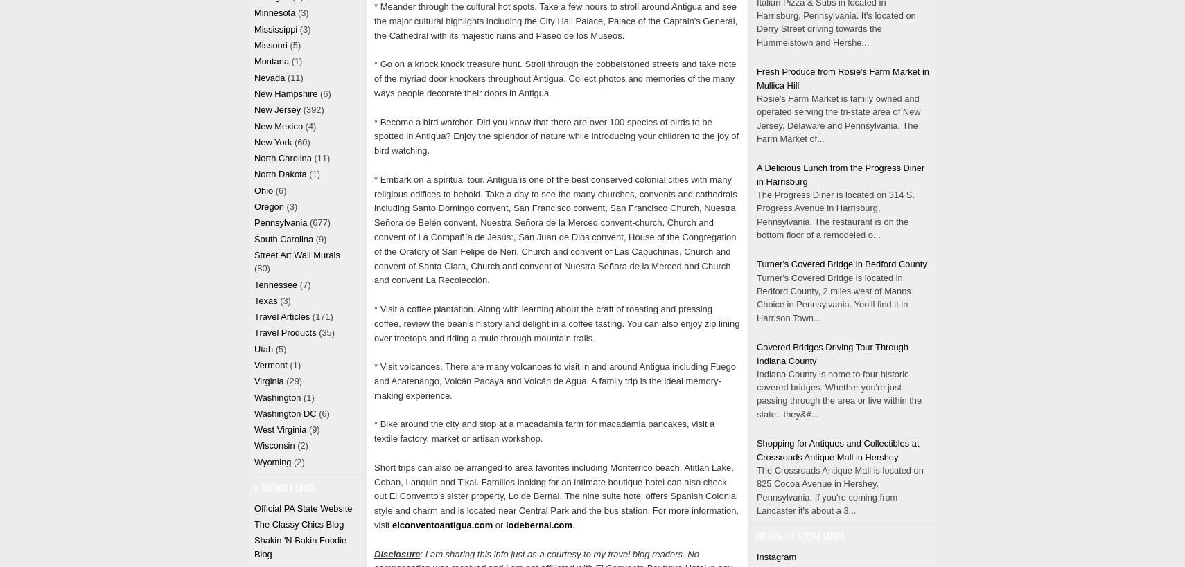  I want to click on 'Covered Bridges Driving Tour Through Indiana County', so click(831, 352).